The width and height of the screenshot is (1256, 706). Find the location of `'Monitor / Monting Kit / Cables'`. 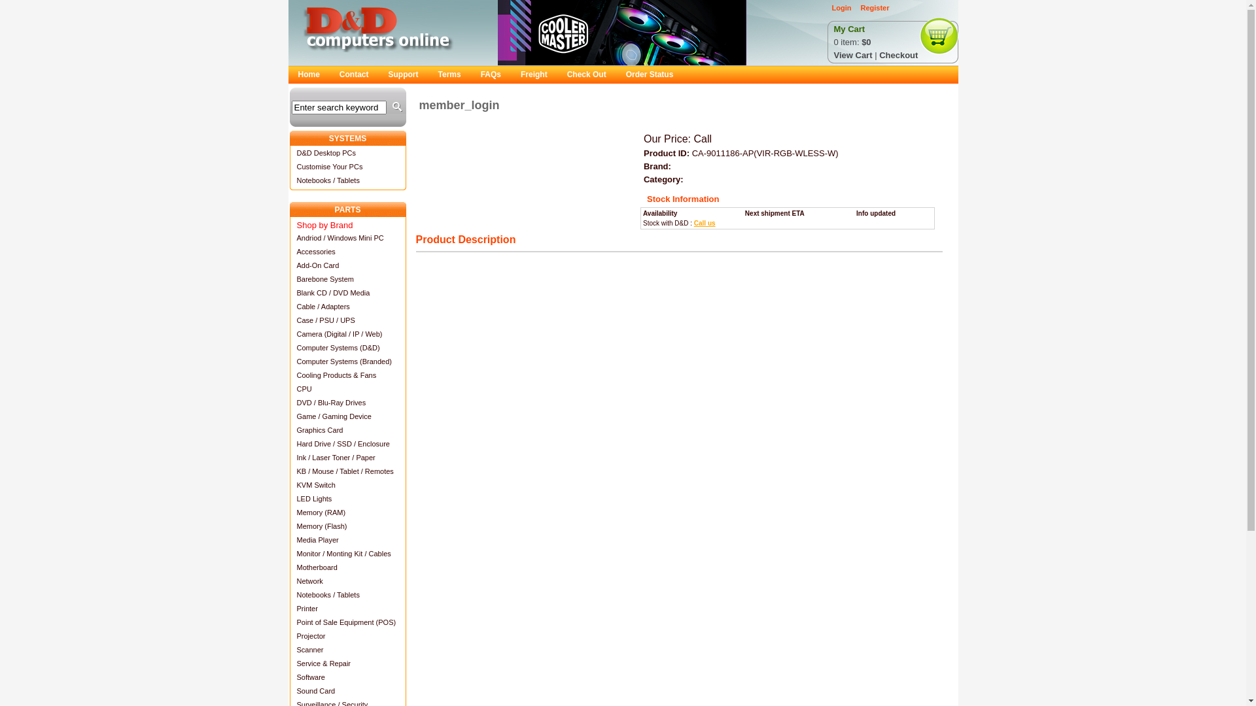

'Monitor / Monting Kit / Cables' is located at coordinates (347, 553).